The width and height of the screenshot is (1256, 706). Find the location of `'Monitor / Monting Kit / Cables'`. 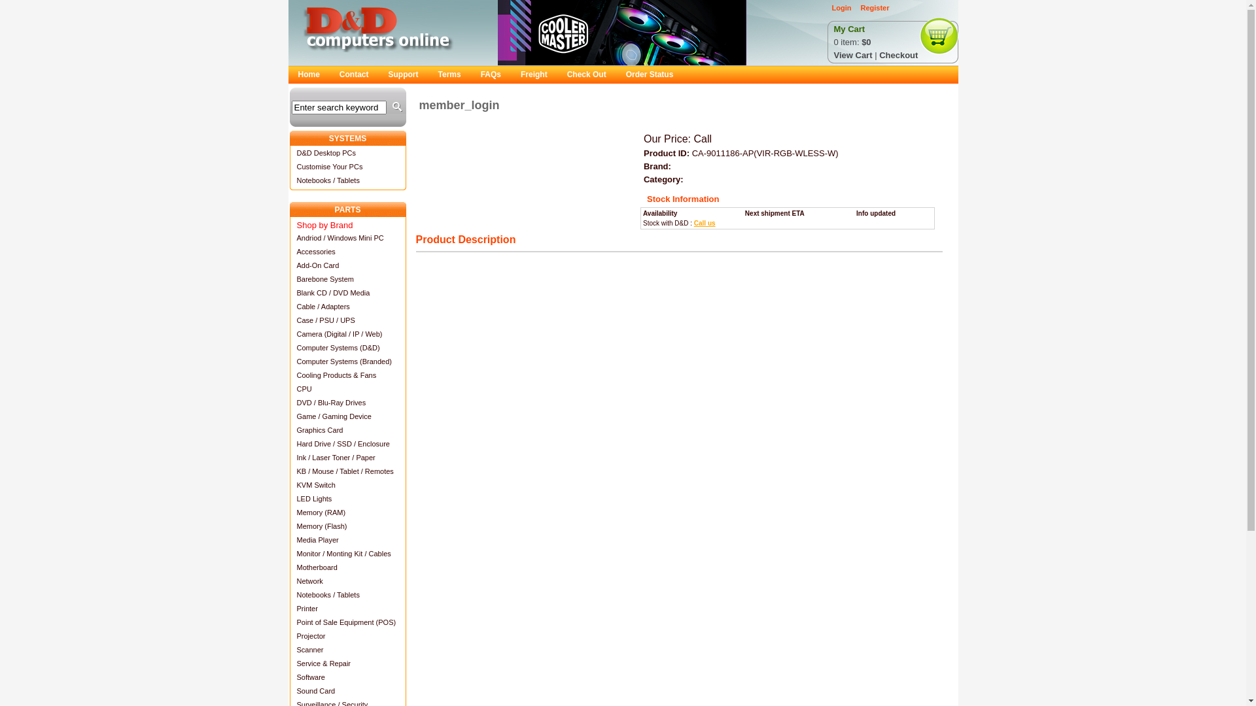

'Monitor / Monting Kit / Cables' is located at coordinates (347, 553).